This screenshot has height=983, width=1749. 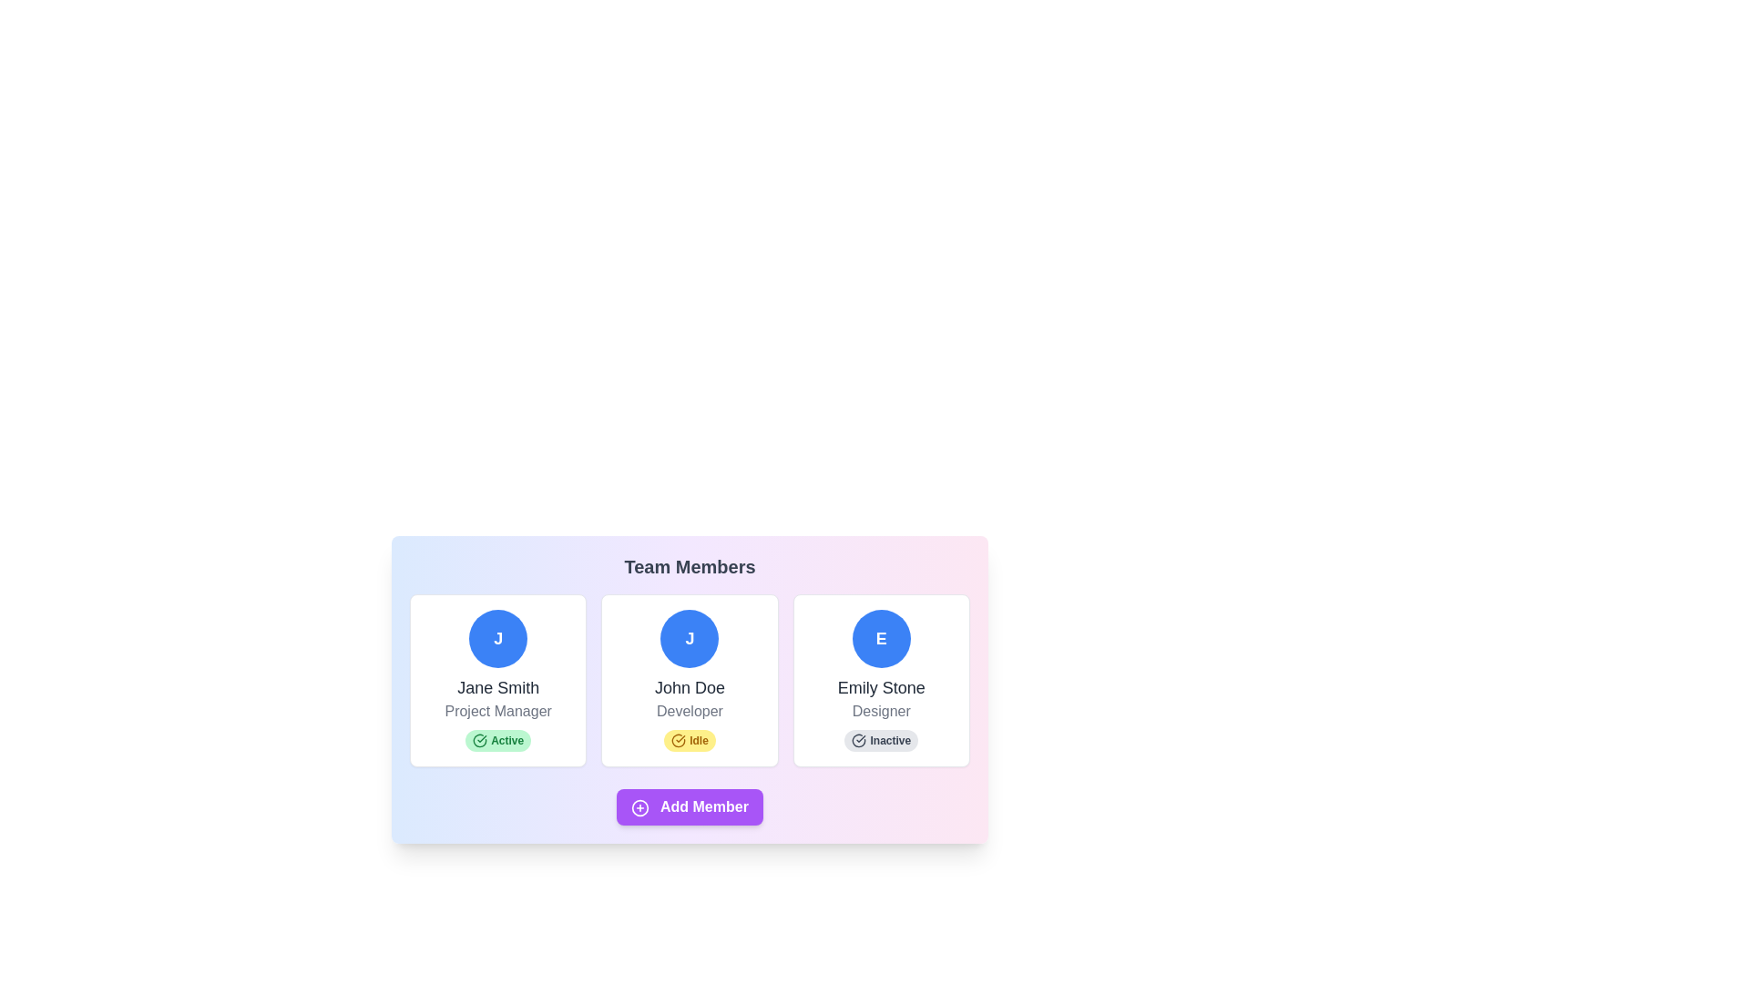 I want to click on the Text element that signifies the role of 'Emily Stone' as 'Designer', which is positioned below 'Emily Stone' and above an 'Inactive' label, so click(x=881, y=711).